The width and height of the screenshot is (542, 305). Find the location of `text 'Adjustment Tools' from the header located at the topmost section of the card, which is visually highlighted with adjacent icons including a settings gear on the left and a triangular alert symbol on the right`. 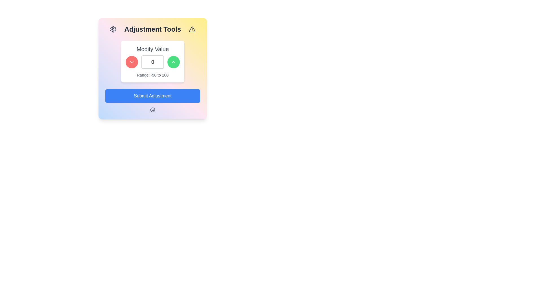

text 'Adjustment Tools' from the header located at the topmost section of the card, which is visually highlighted with adjacent icons including a settings gear on the left and a triangular alert symbol on the right is located at coordinates (153, 29).